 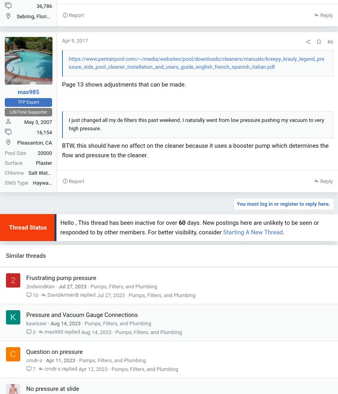 What do you see at coordinates (44, 153) in the screenshot?
I see `'20000'` at bounding box center [44, 153].